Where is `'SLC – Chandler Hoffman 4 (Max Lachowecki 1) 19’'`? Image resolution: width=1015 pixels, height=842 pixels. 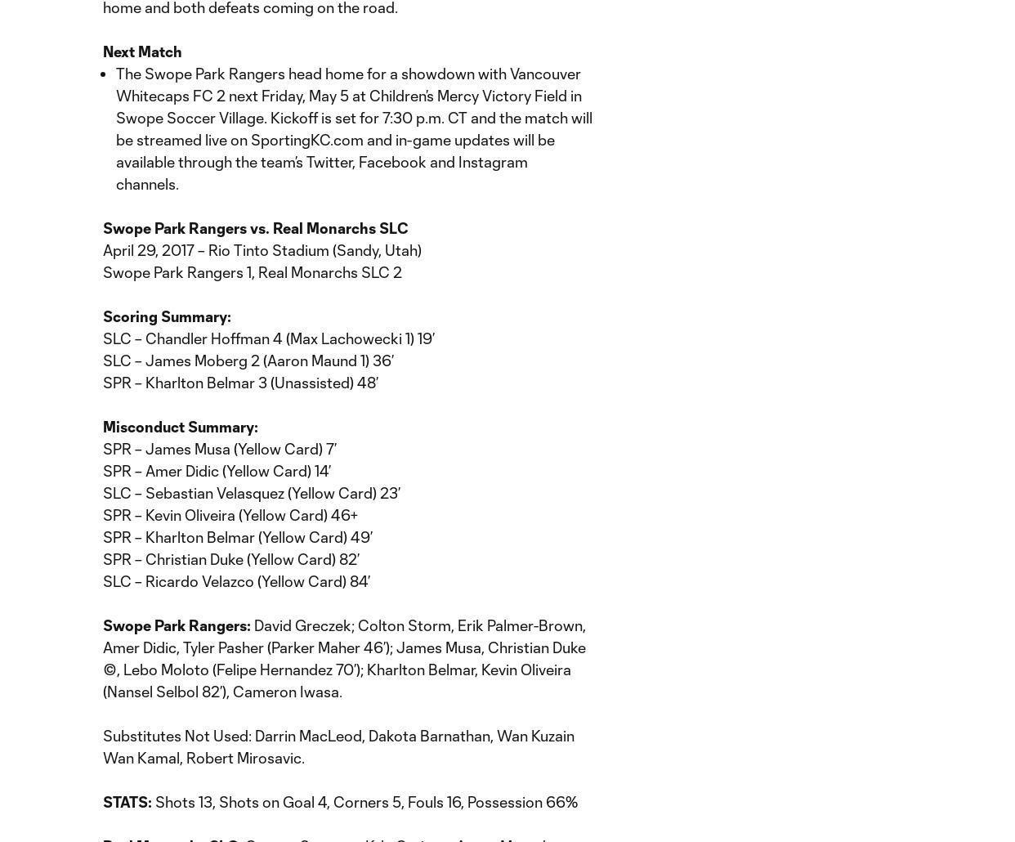
'SLC – Chandler Hoffman 4 (Max Lachowecki 1) 19’' is located at coordinates (268, 338).